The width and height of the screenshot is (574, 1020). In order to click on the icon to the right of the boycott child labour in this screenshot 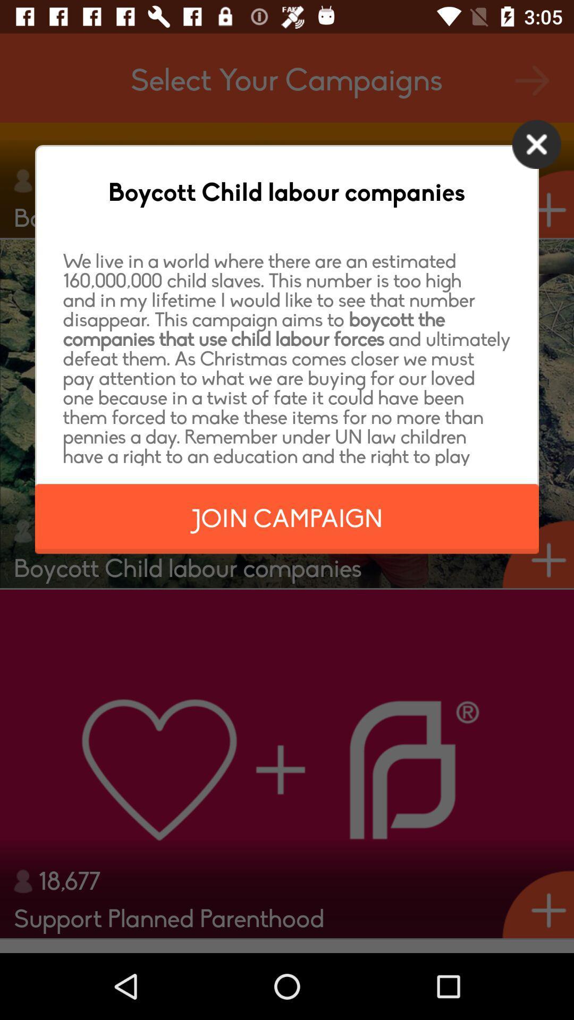, I will do `click(536, 143)`.